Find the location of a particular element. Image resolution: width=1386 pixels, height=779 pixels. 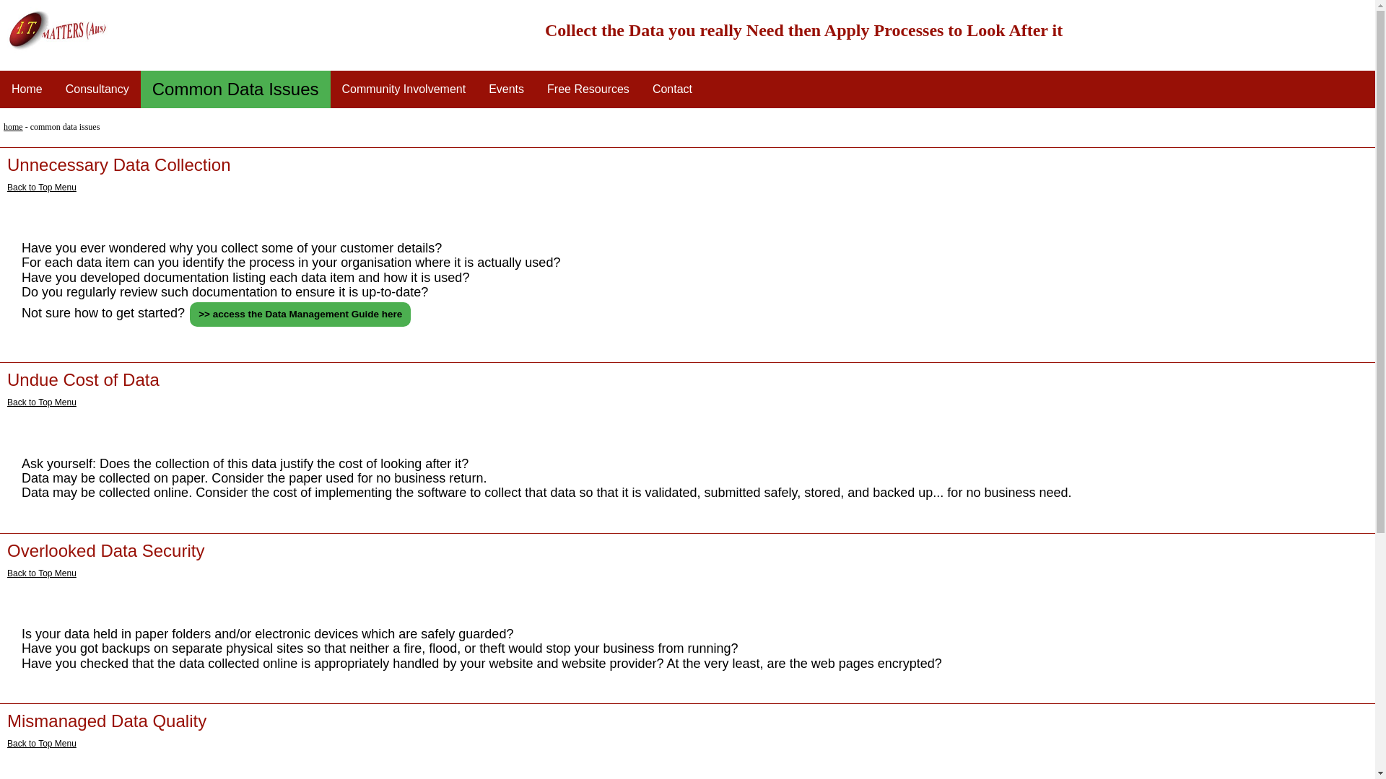

'Community Involvement' is located at coordinates (404, 89).